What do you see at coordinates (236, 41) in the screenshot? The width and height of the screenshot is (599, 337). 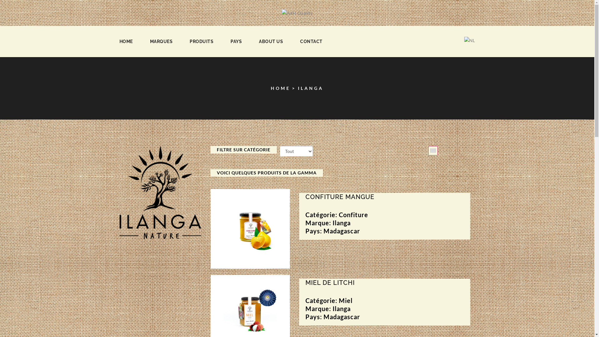 I see `'PAYS'` at bounding box center [236, 41].